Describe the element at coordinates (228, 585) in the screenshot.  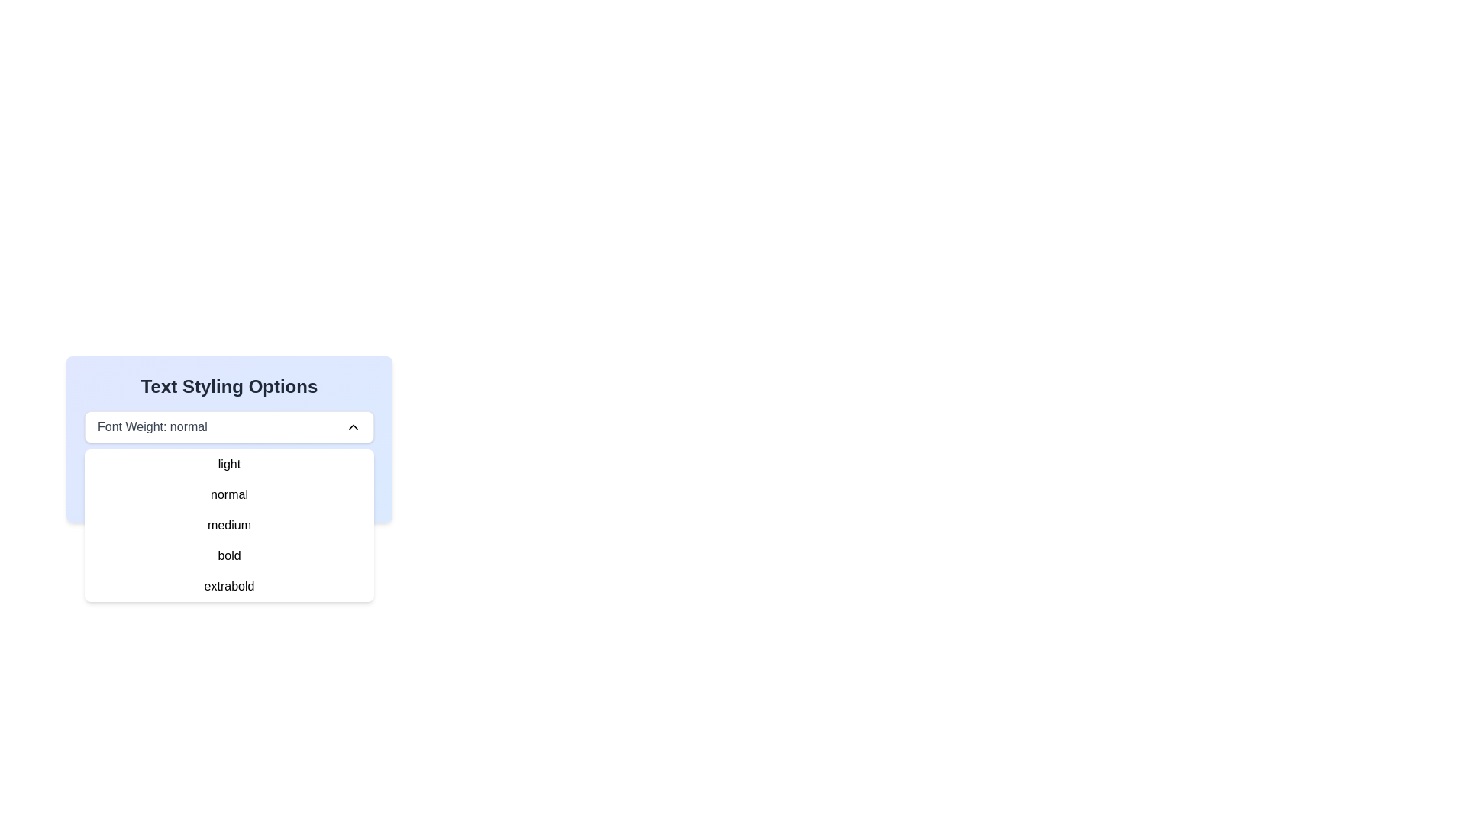
I see `the 'extrabold' font weight option in the dropdown menu, which is the last item in the list of font weight options` at that location.